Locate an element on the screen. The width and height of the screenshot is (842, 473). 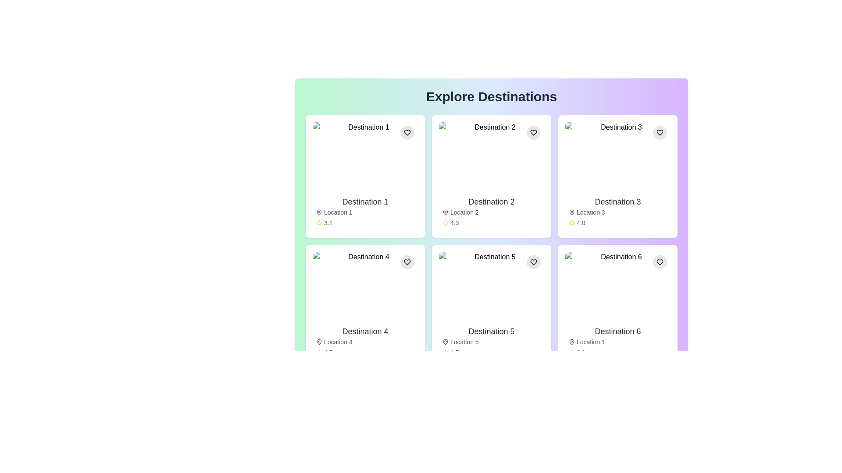
the 'favorite' or 'like' icon is located at coordinates (660, 133).